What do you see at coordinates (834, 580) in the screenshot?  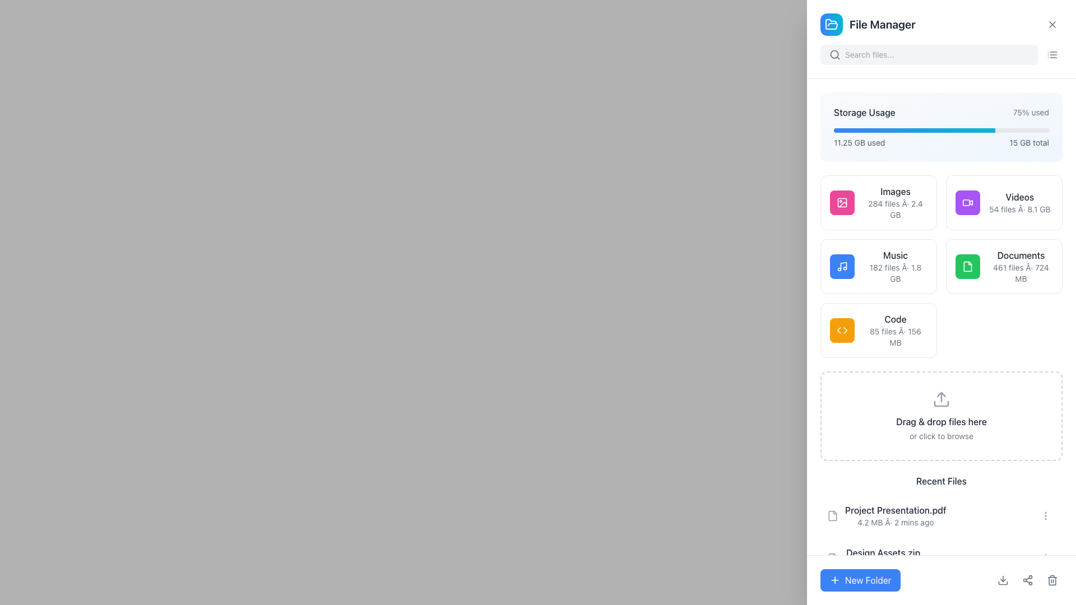 I see `the 'New Folder' icon located within the button labeled 'New Folder' at the bottom right corner of the interface` at bounding box center [834, 580].